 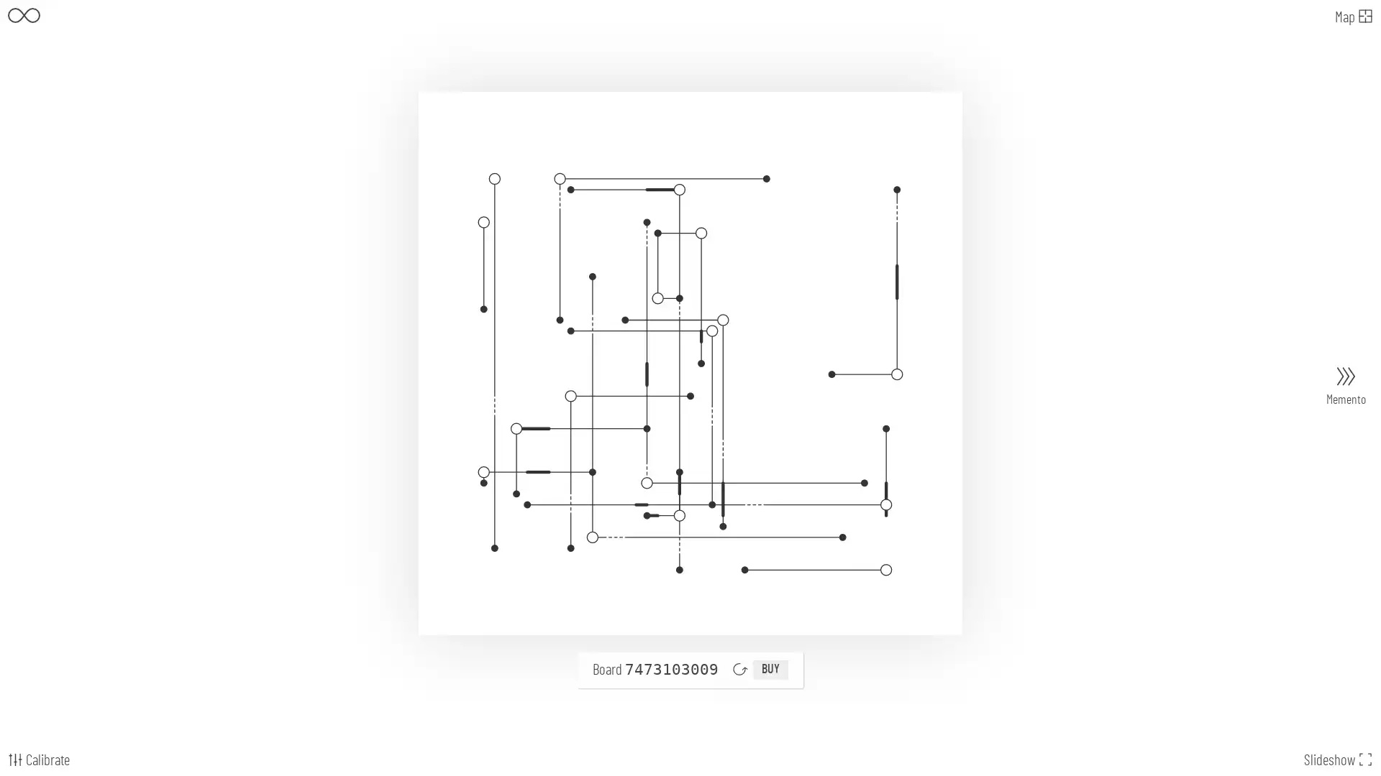 I want to click on Regenerate, so click(x=739, y=669).